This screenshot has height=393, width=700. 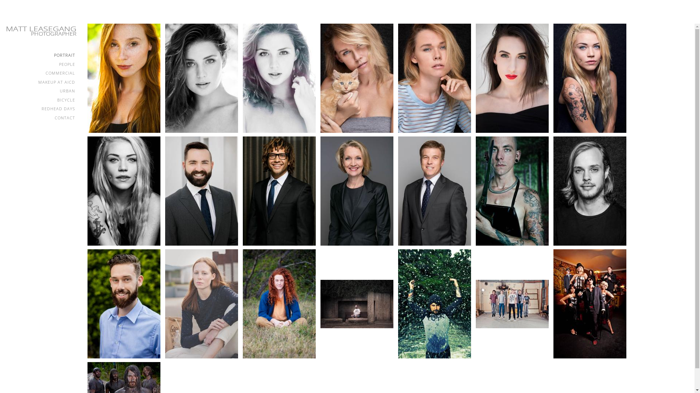 What do you see at coordinates (40, 100) in the screenshot?
I see `'BICYCLE'` at bounding box center [40, 100].